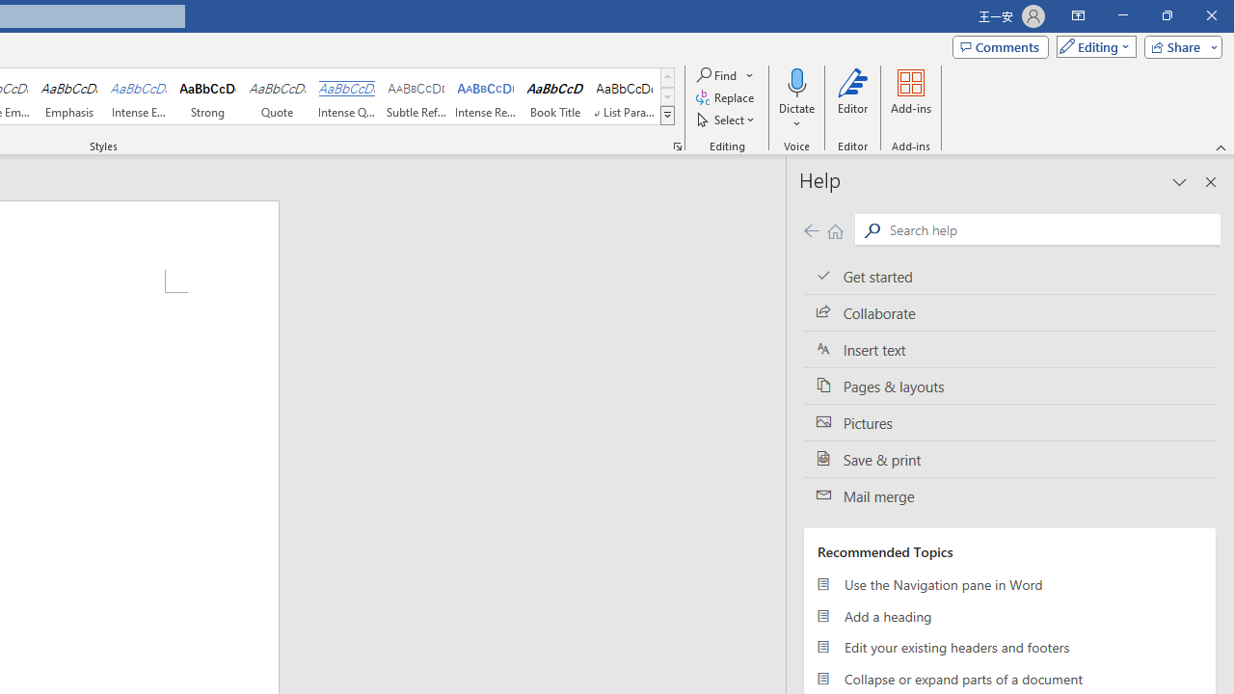 This screenshot has width=1234, height=694. Describe the element at coordinates (852, 99) in the screenshot. I see `'Editor'` at that location.